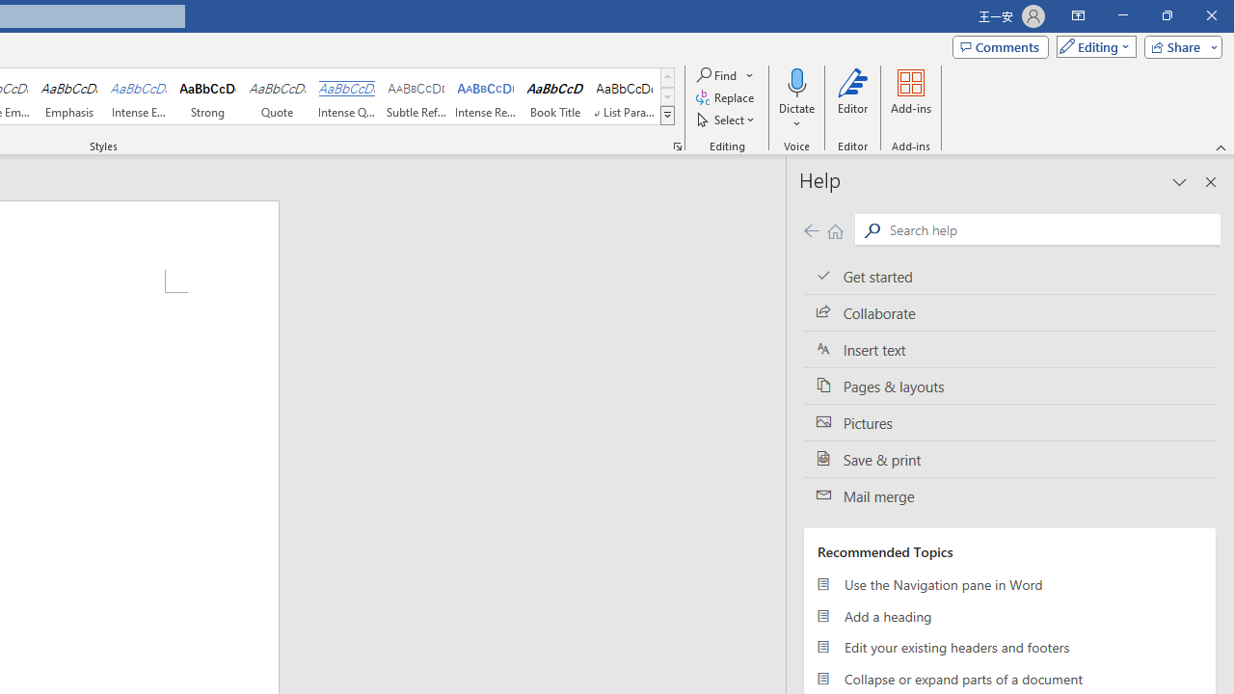 This screenshot has width=1234, height=694. Describe the element at coordinates (852, 99) in the screenshot. I see `'Editor'` at that location.